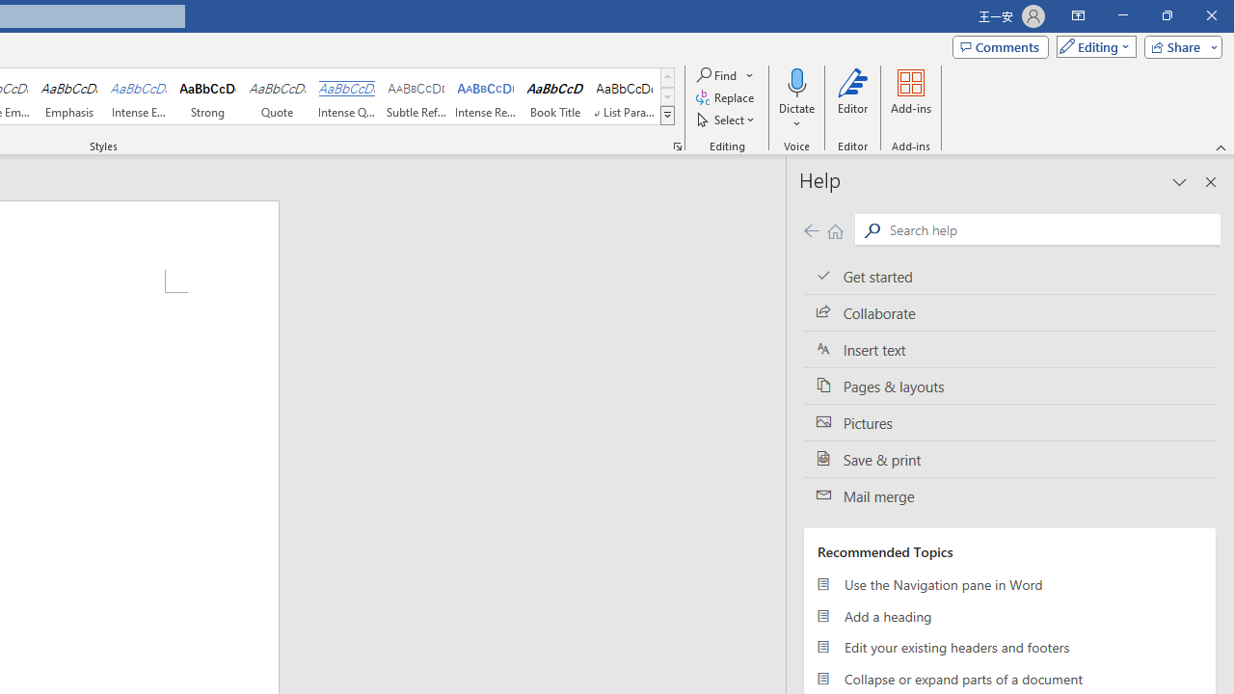 This screenshot has width=1234, height=694. Describe the element at coordinates (852, 99) in the screenshot. I see `'Editor'` at that location.